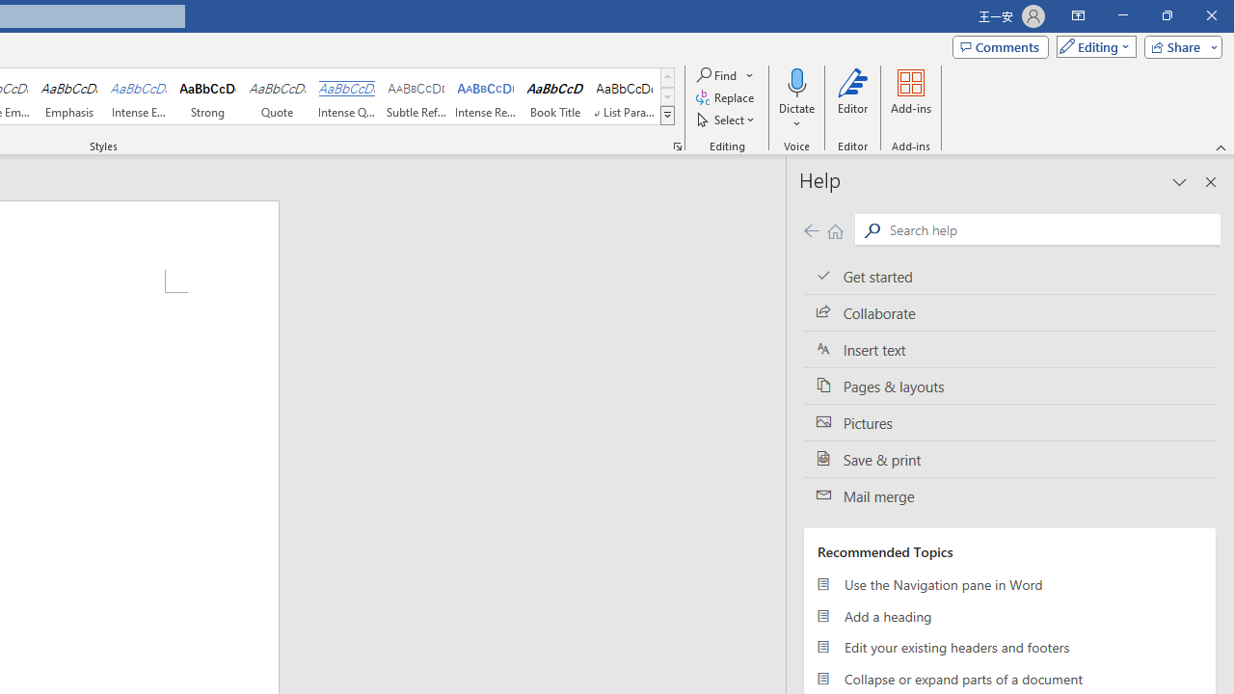 This screenshot has width=1234, height=694. Describe the element at coordinates (852, 99) in the screenshot. I see `'Editor'` at that location.